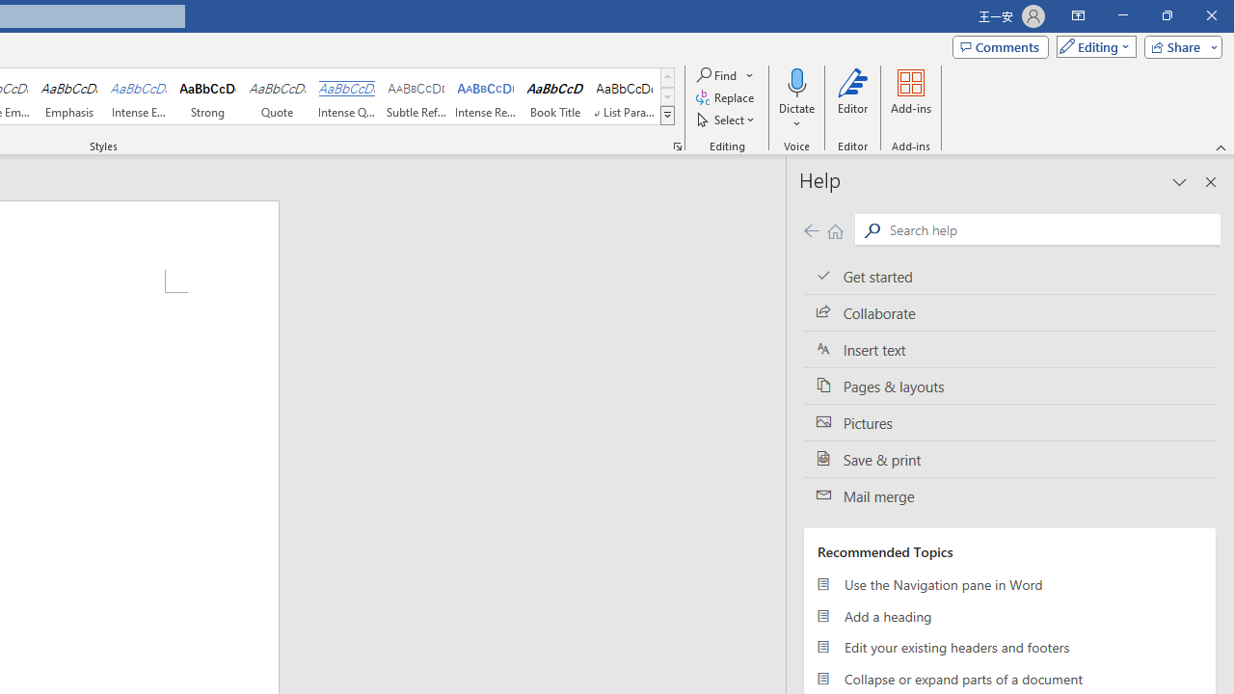 This screenshot has width=1234, height=694. Describe the element at coordinates (852, 99) in the screenshot. I see `'Editor'` at that location.